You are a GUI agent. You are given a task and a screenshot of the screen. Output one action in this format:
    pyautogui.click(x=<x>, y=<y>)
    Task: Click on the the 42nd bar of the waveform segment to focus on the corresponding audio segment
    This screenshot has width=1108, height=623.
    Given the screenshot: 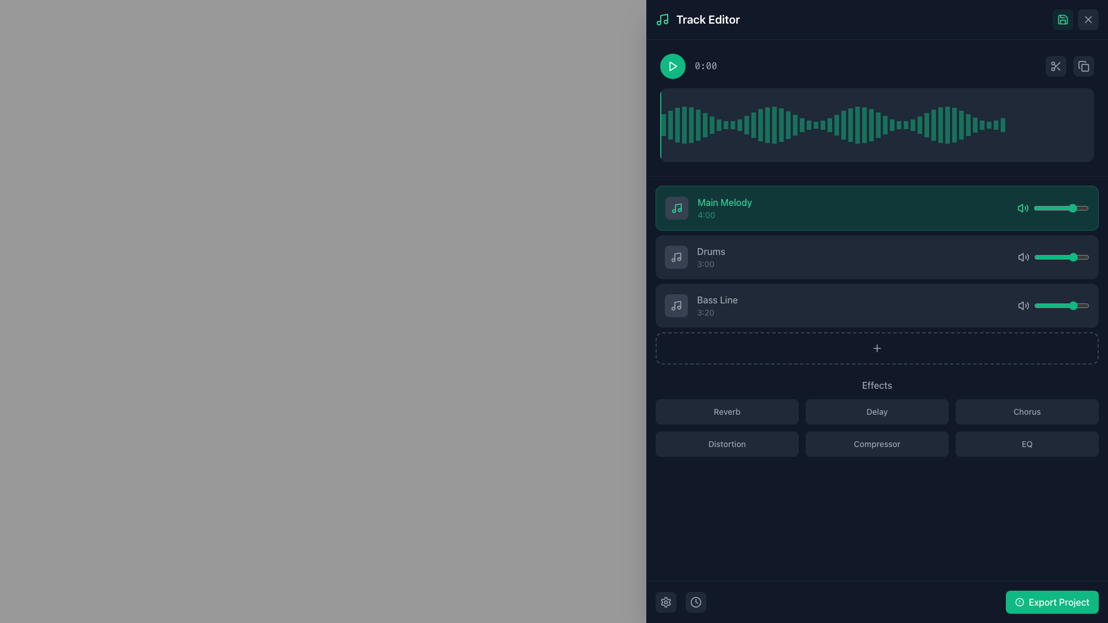 What is the action you would take?
    pyautogui.click(x=947, y=125)
    